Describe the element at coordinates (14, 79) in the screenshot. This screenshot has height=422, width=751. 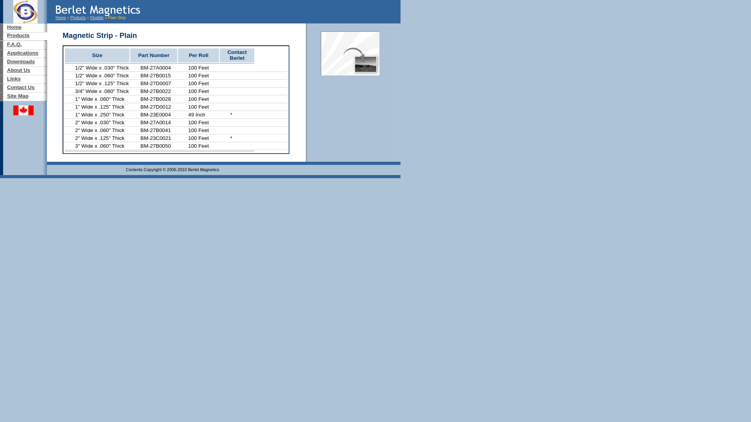
I see `'Links'` at that location.